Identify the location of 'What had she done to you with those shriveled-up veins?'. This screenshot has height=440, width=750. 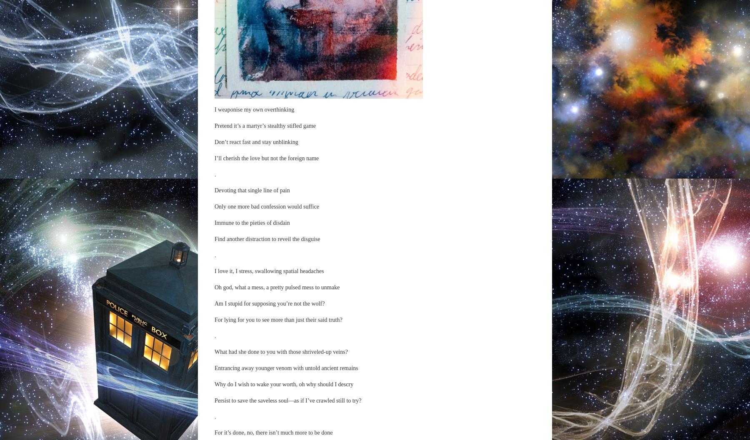
(280, 351).